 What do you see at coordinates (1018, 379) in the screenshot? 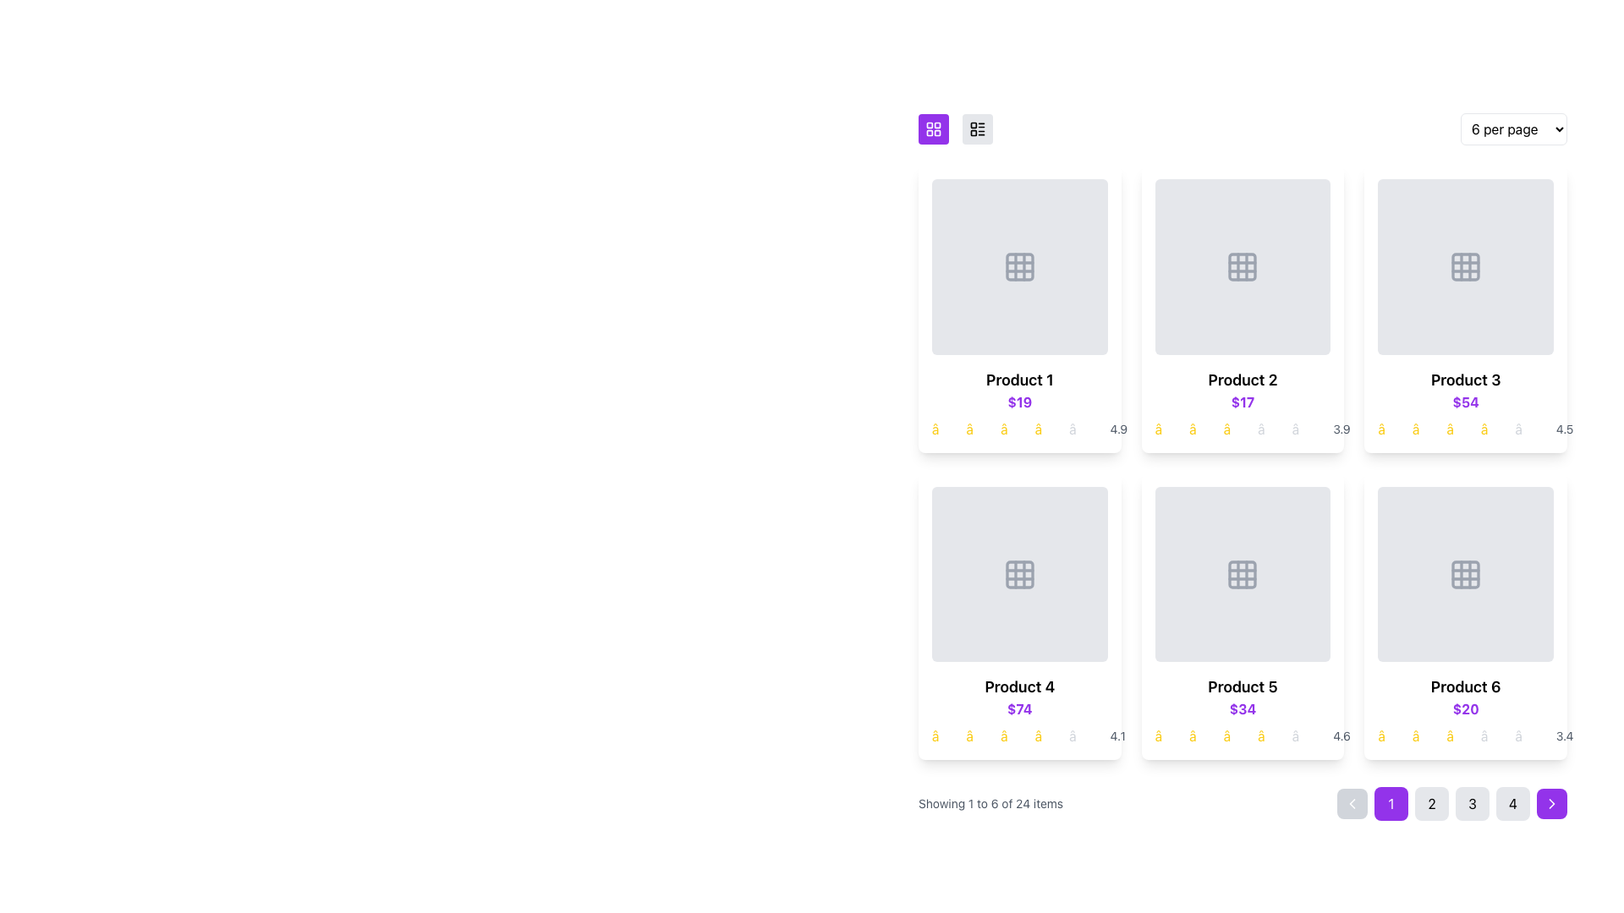
I see `the 'Product 1' text label, which is a prominent title styled in bold and located at the top of the first product display card in the grid layout` at bounding box center [1018, 379].